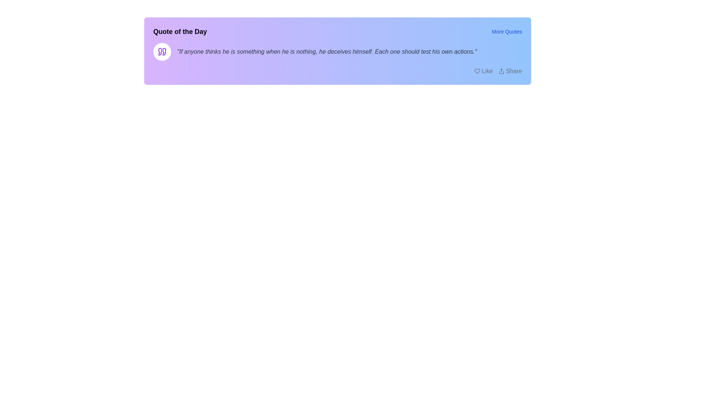 This screenshot has height=403, width=716. Describe the element at coordinates (160, 51) in the screenshot. I see `the left quote mark icon, which is a stylized graphical element with smooth curves and a purple hue, located in the upper left corner of the interface next to the heading and quote text` at that location.